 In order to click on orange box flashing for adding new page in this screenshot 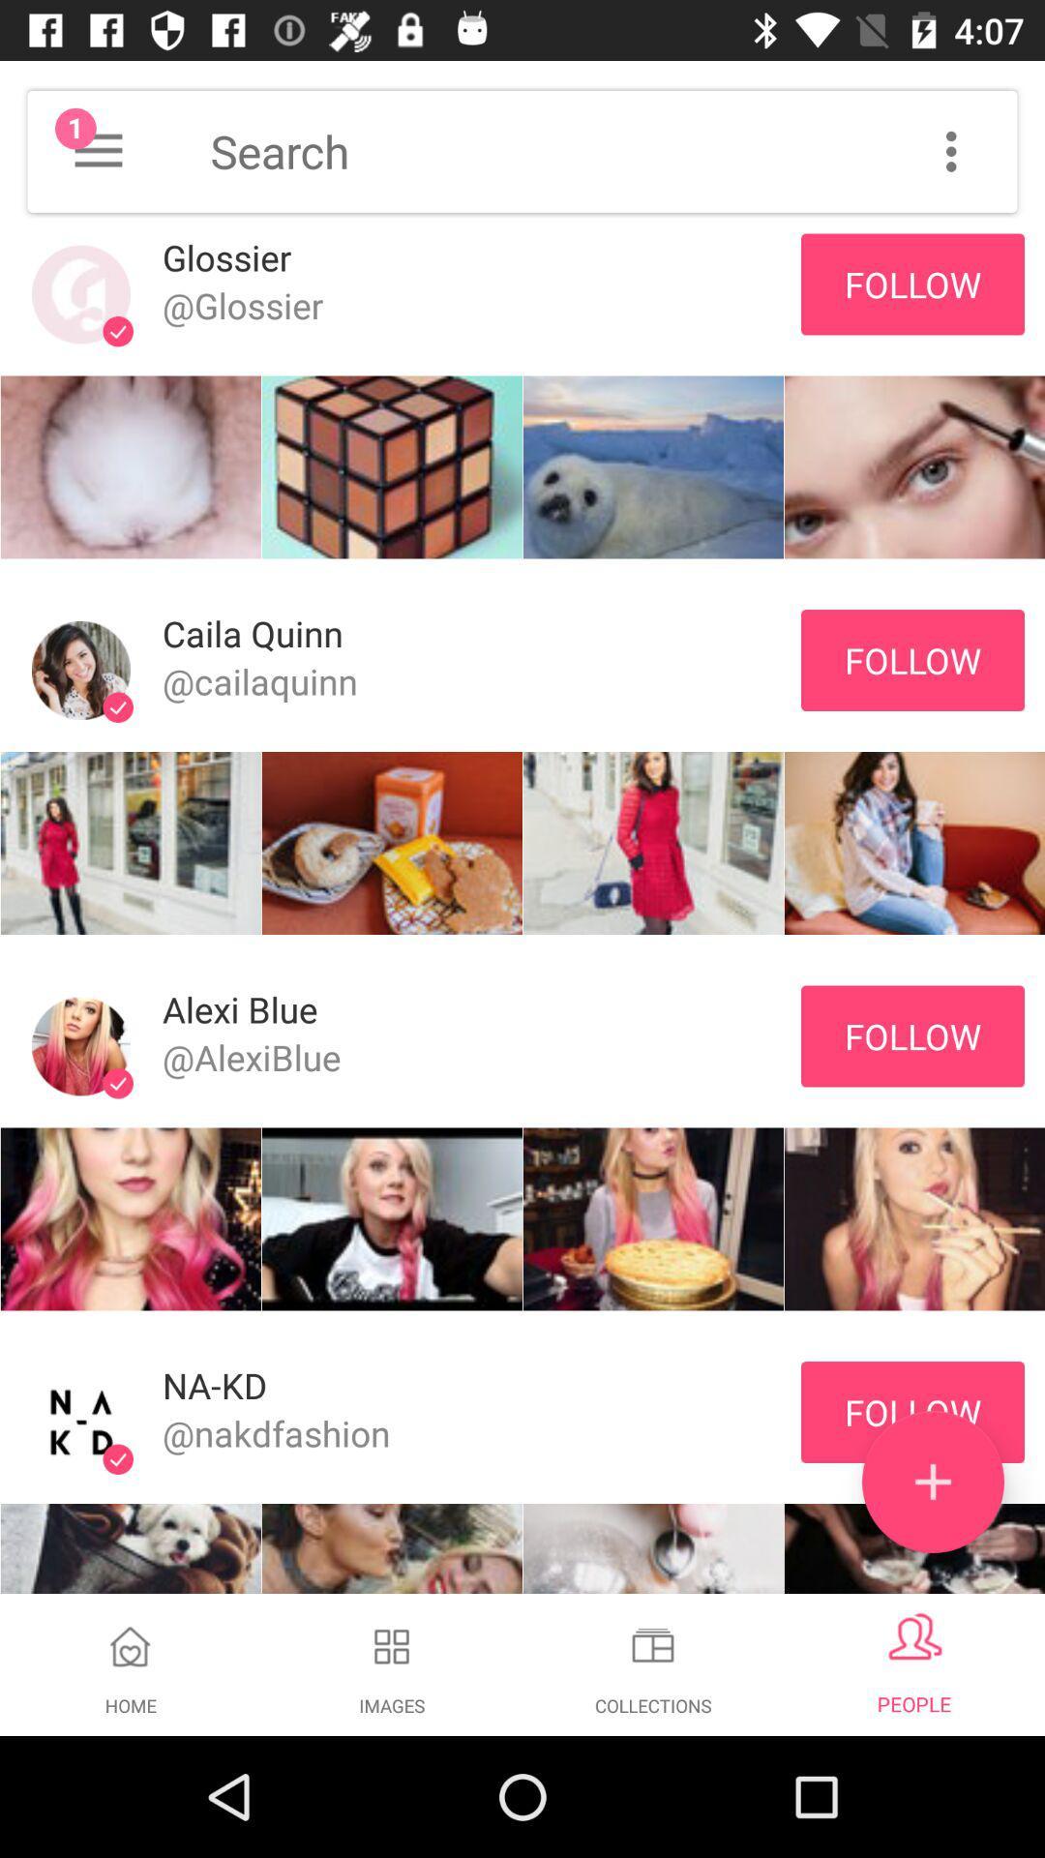, I will do `click(932, 1481)`.